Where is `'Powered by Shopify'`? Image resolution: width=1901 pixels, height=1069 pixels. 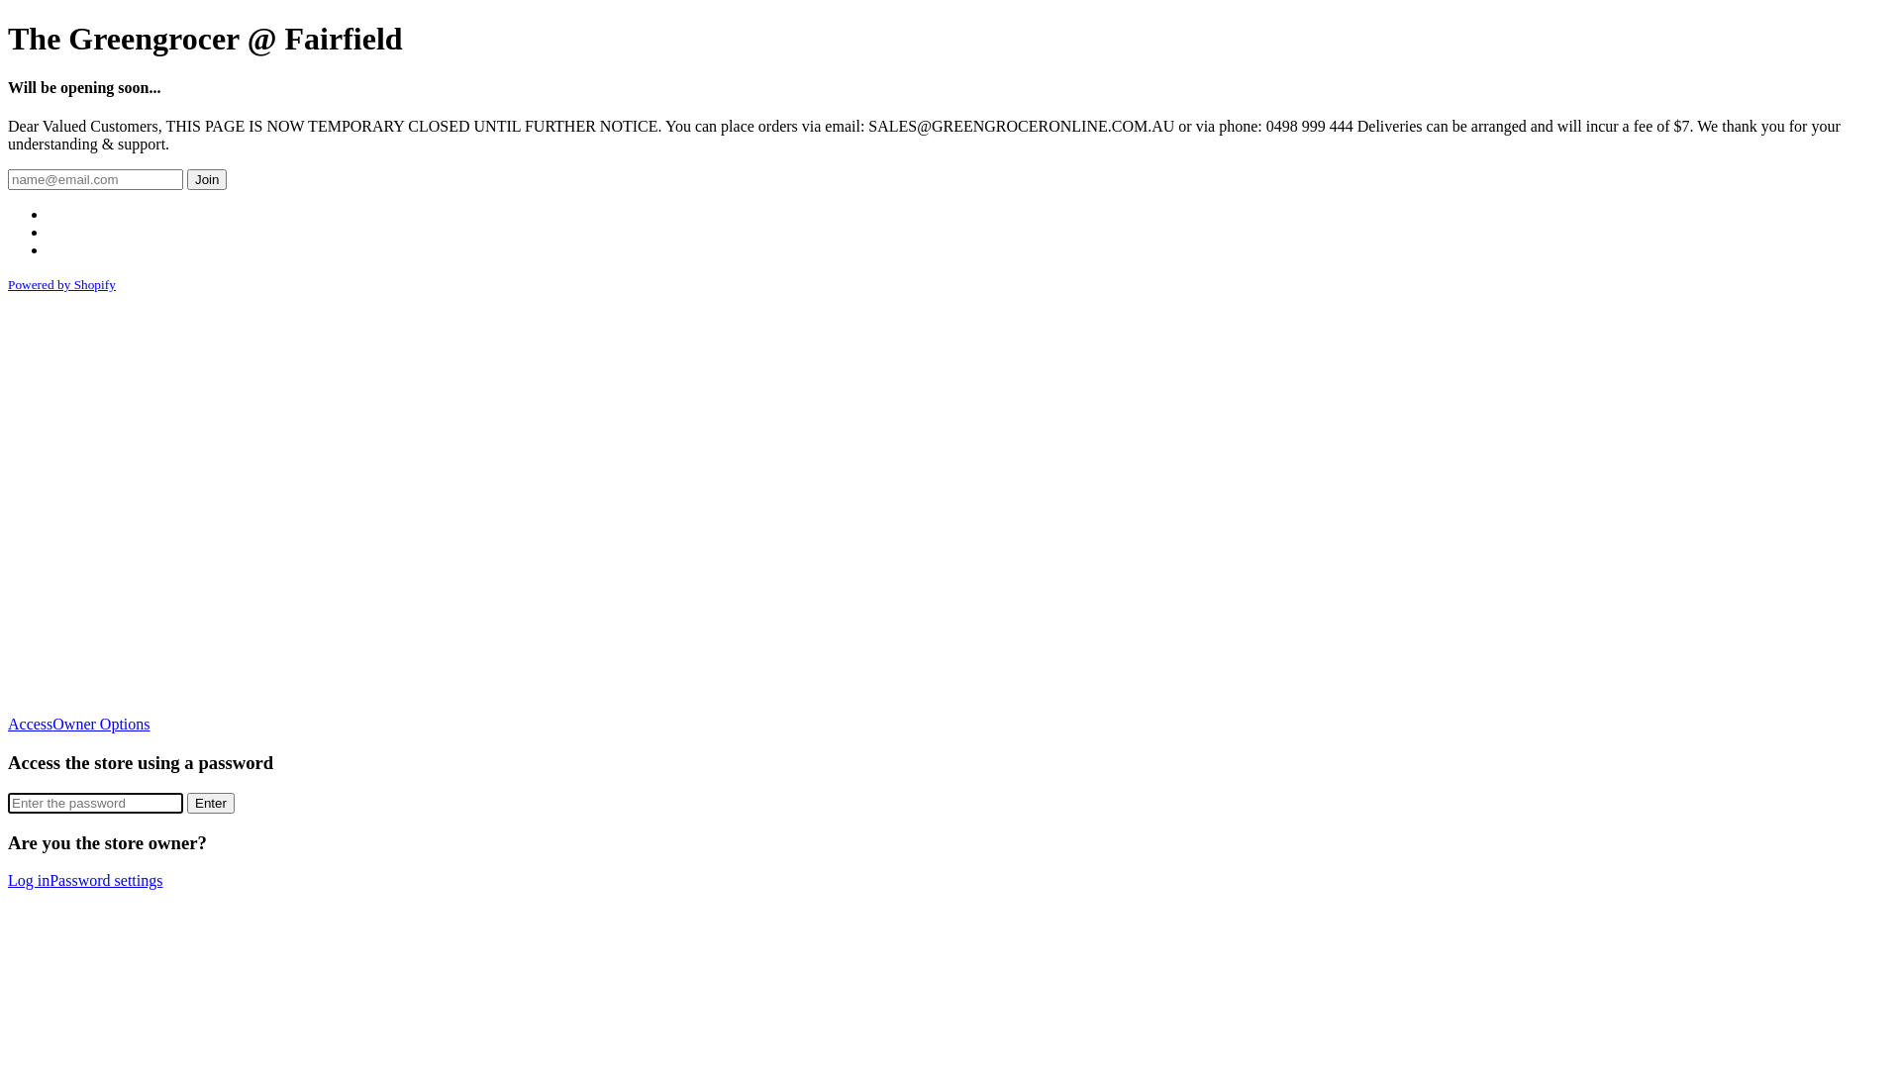
'Powered by Shopify' is located at coordinates (61, 284).